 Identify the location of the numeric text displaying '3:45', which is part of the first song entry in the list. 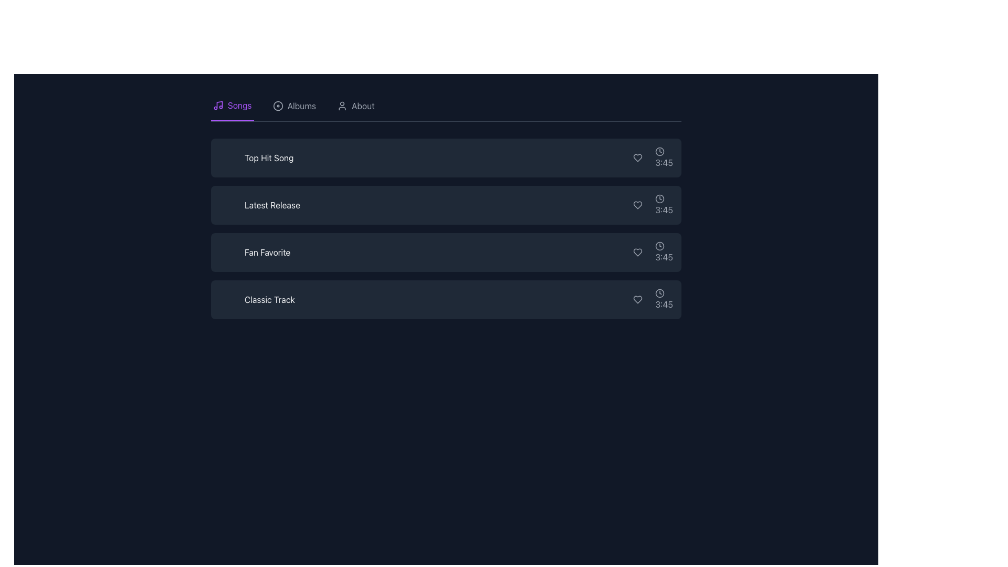
(664, 157).